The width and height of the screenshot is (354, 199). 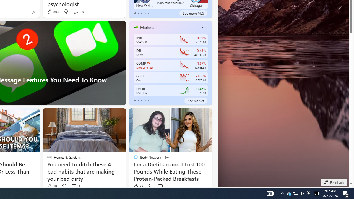 I want to click on '863 Like', so click(x=53, y=12).